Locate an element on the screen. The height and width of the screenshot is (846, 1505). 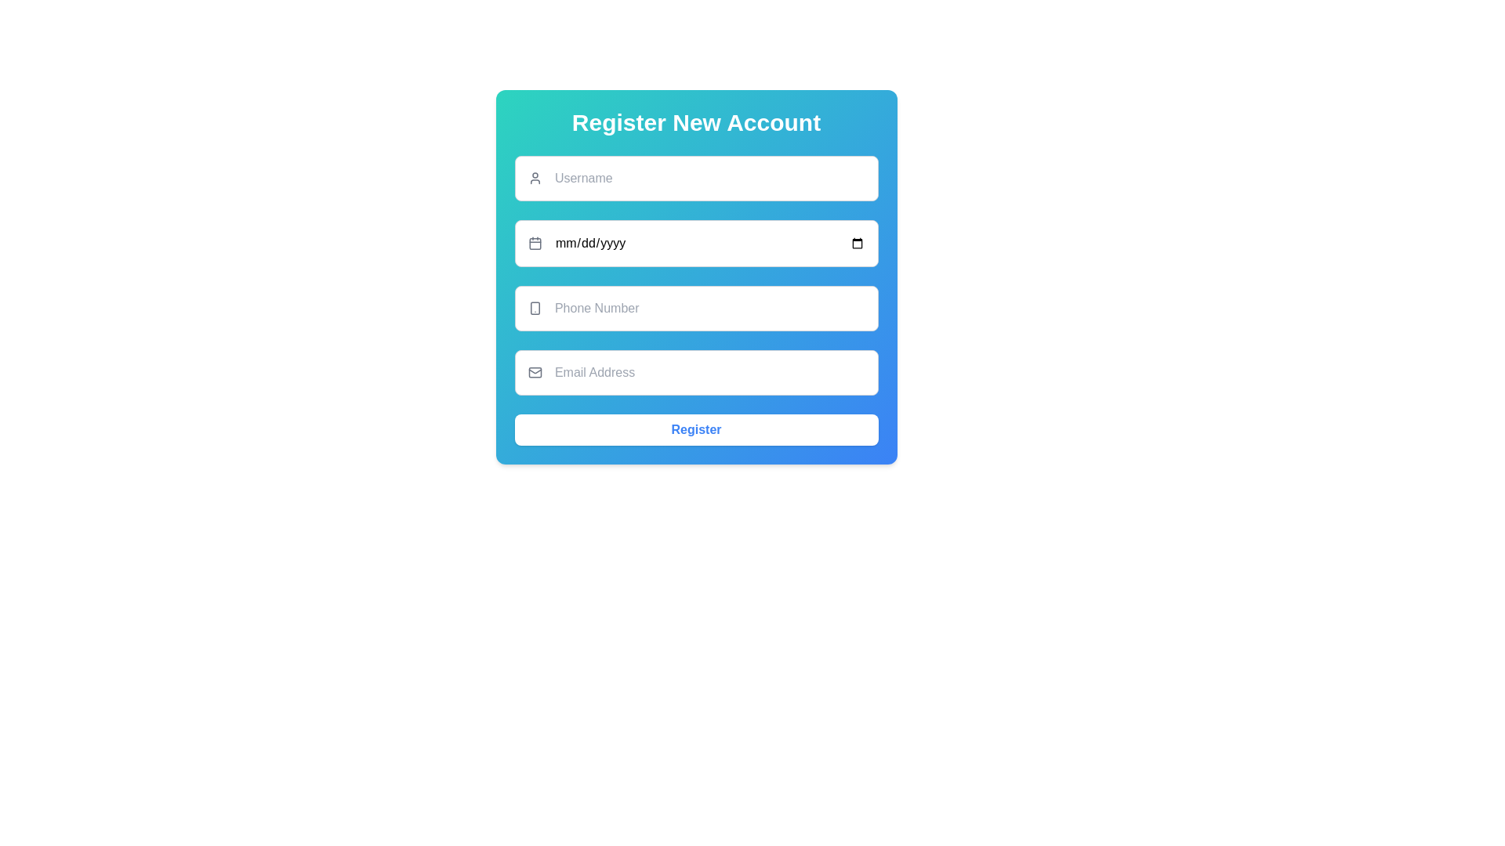
the registration form submit button, which is centrally positioned beneath the input fields for 'Username', 'Date of Birth', 'Phone Number', and 'Email Address', to observe the hover effect is located at coordinates (695, 429).